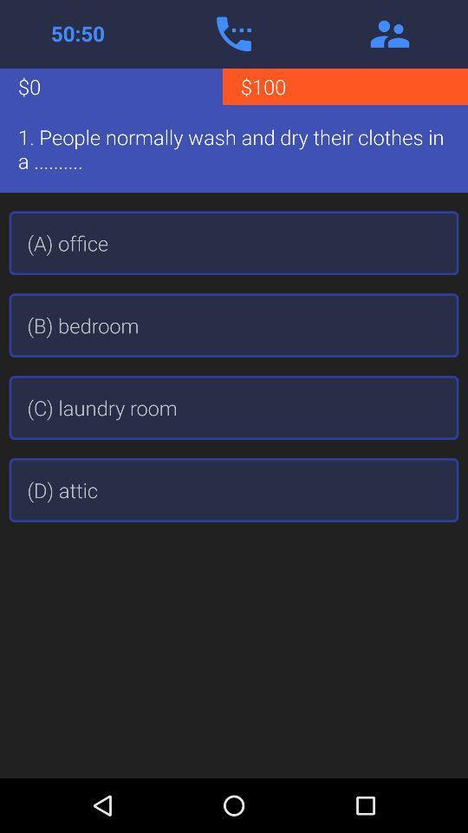  Describe the element at coordinates (234, 33) in the screenshot. I see `the app above the $0` at that location.